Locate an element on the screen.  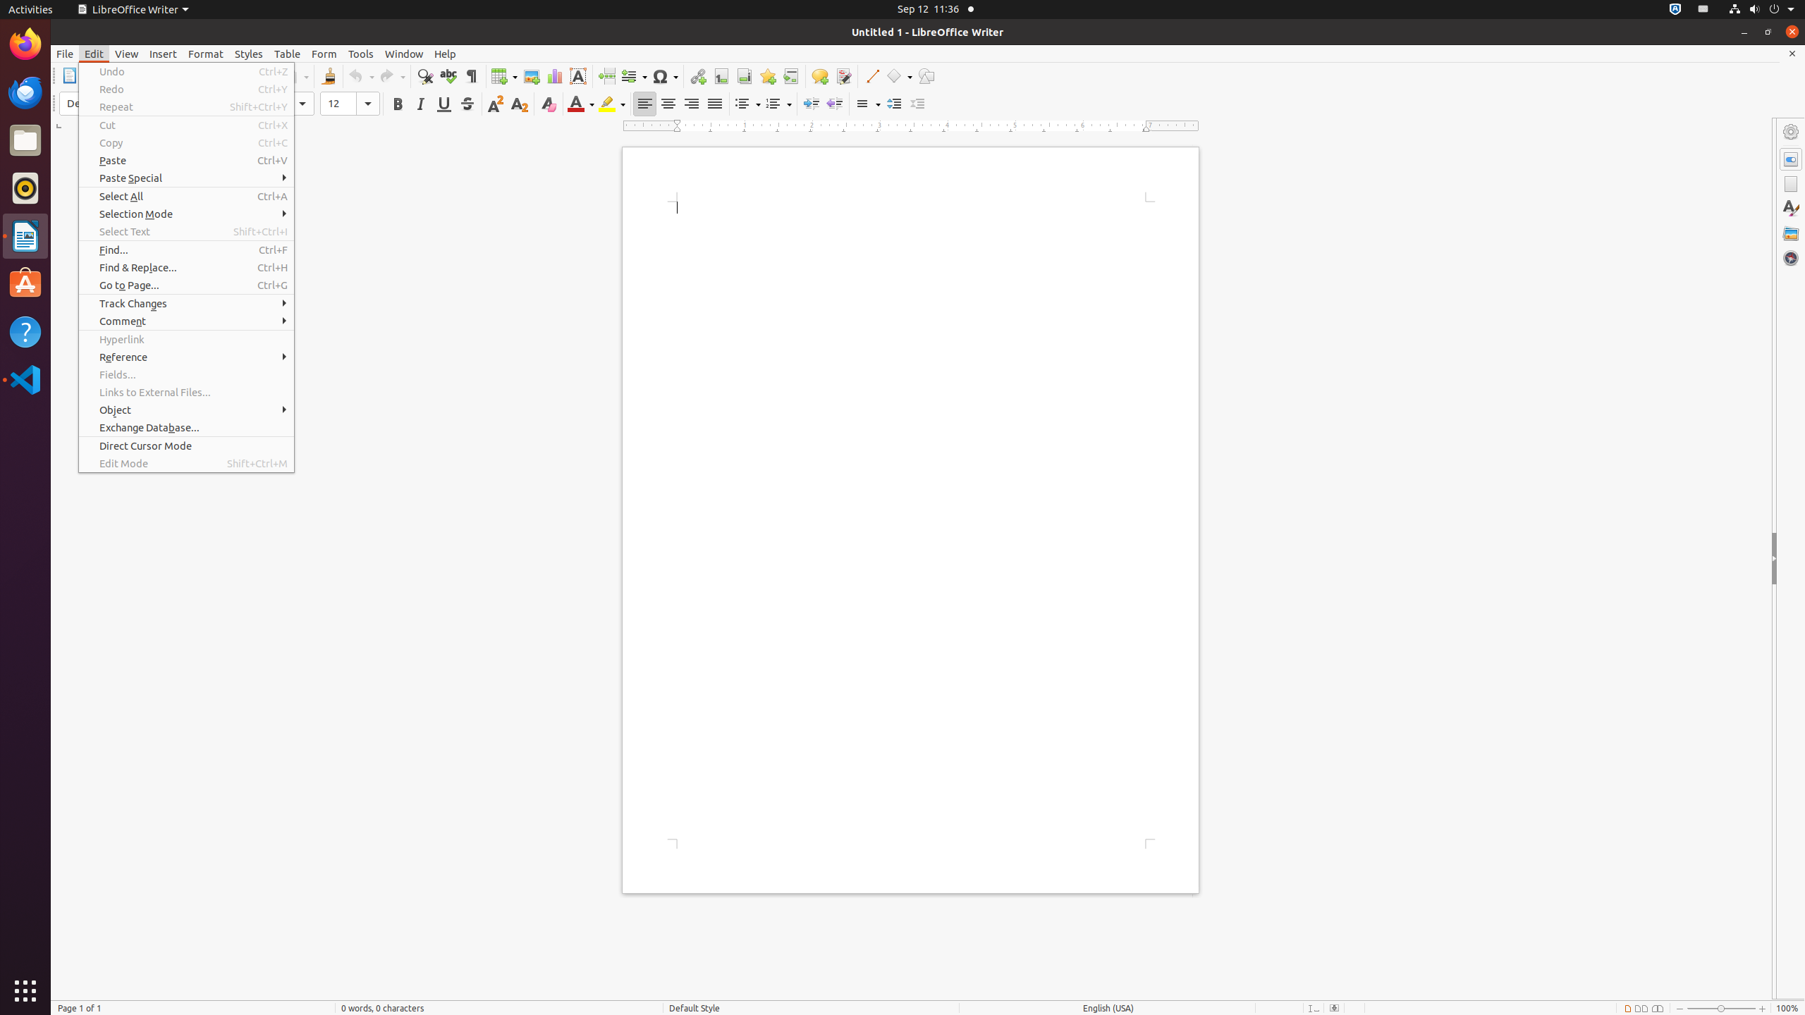
'Form' is located at coordinates (324, 54).